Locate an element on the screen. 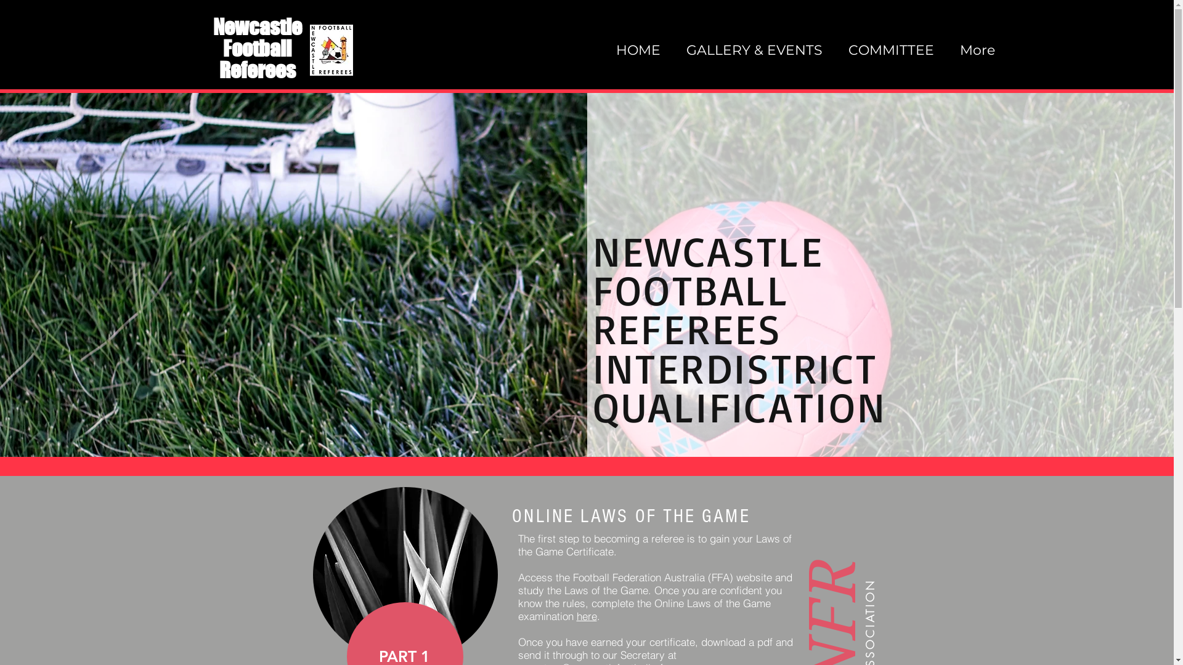  'HOME' is located at coordinates (641, 49).